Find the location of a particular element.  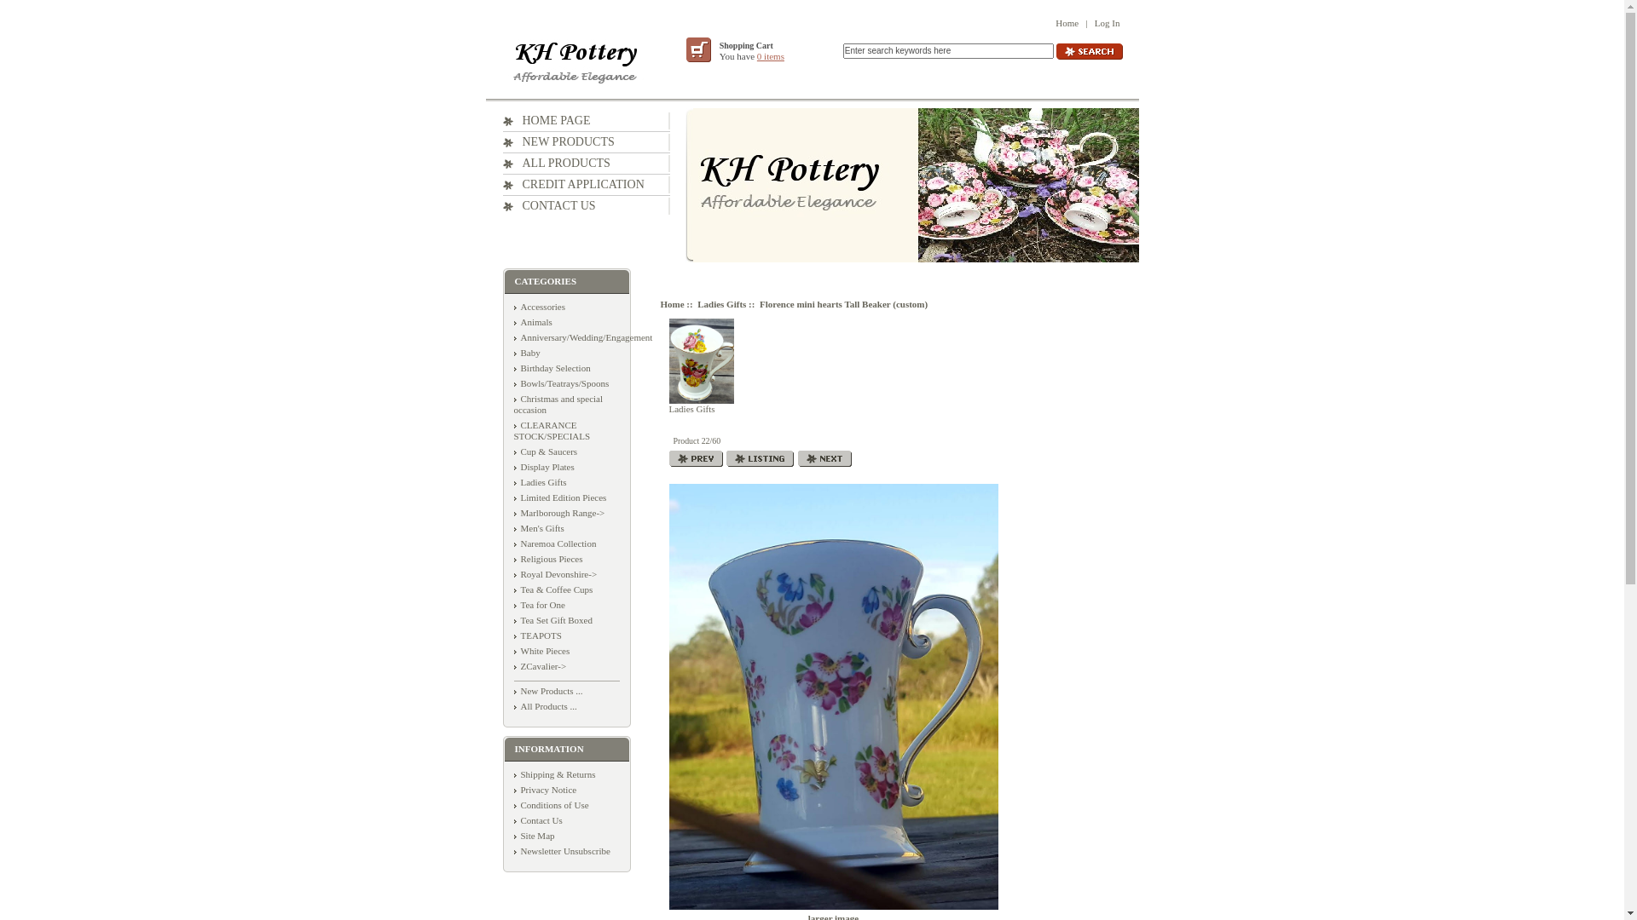

'Home' is located at coordinates (670, 303).